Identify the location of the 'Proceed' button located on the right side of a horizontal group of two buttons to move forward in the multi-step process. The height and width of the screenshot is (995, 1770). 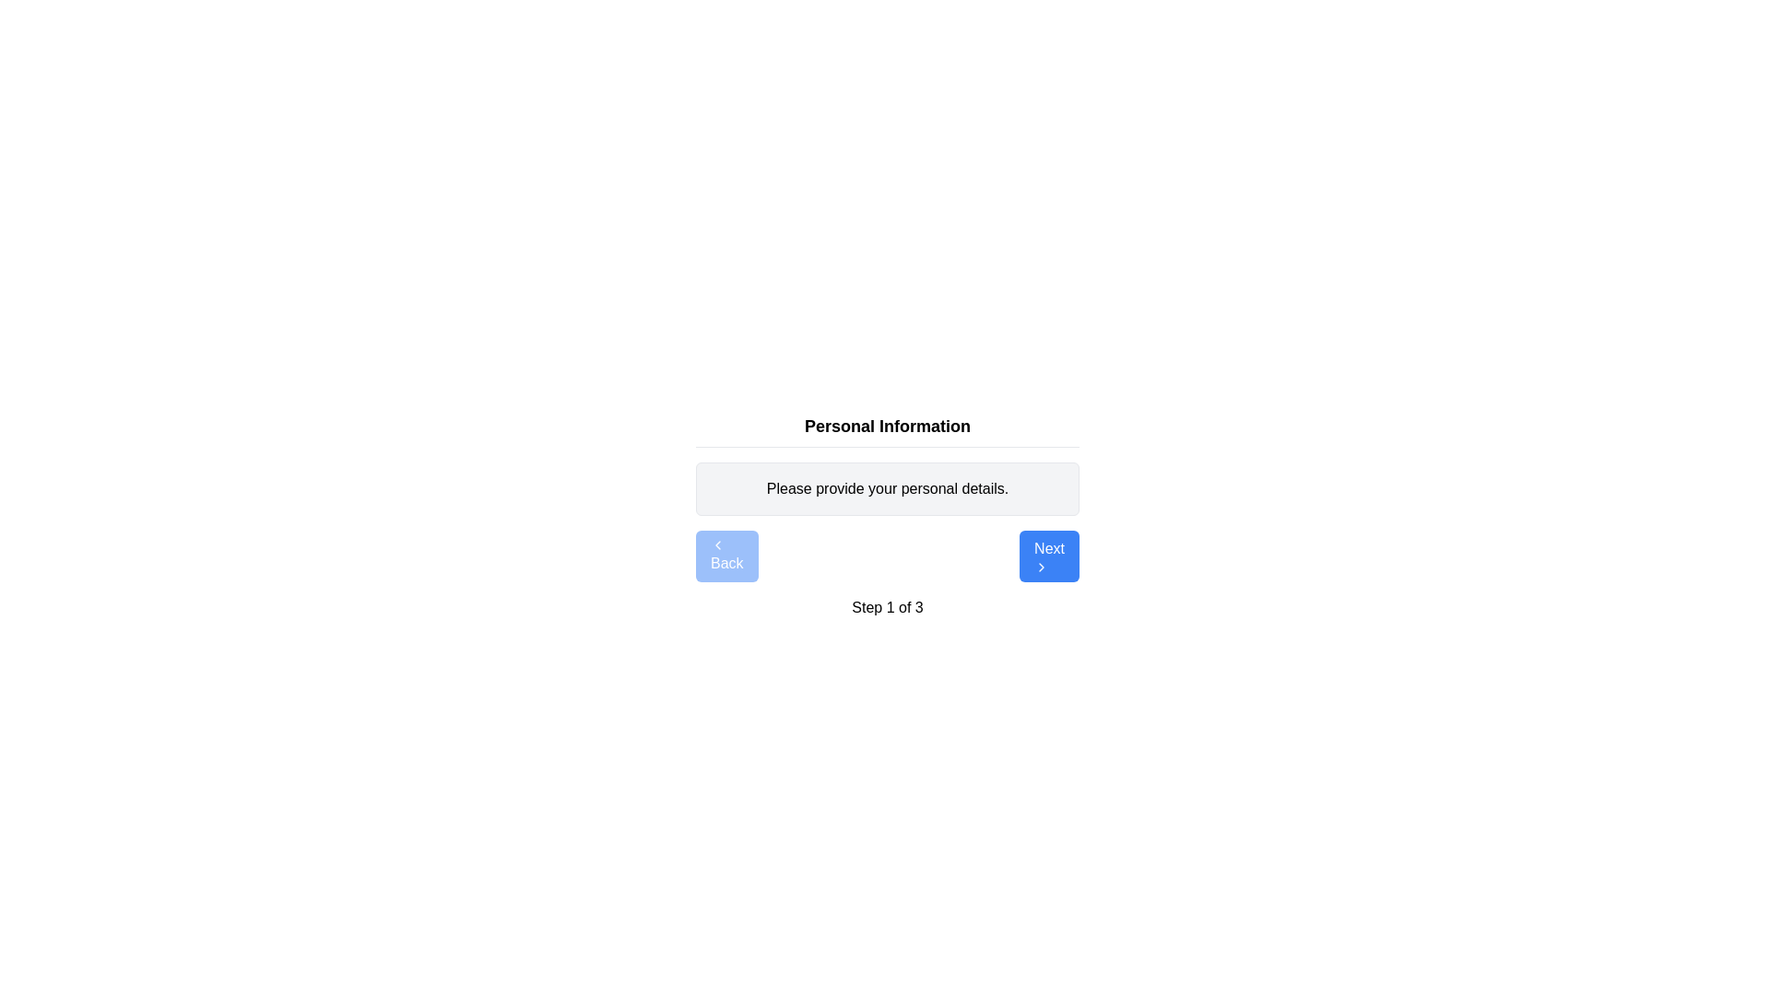
(1049, 556).